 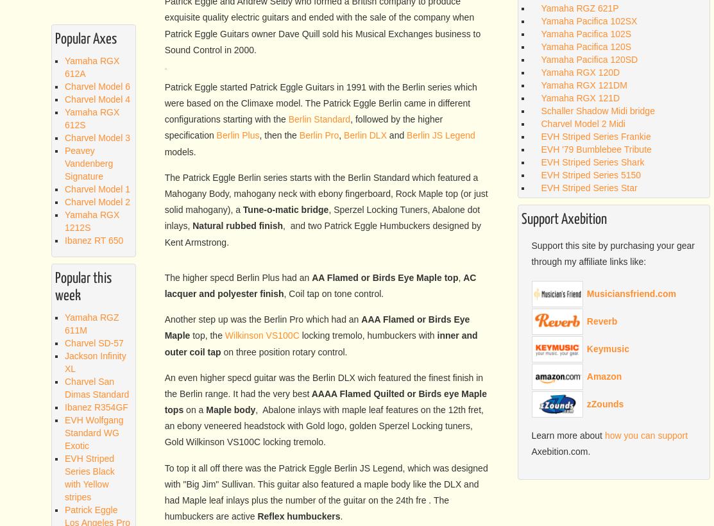 I want to click on 'Reverb', so click(x=601, y=321).